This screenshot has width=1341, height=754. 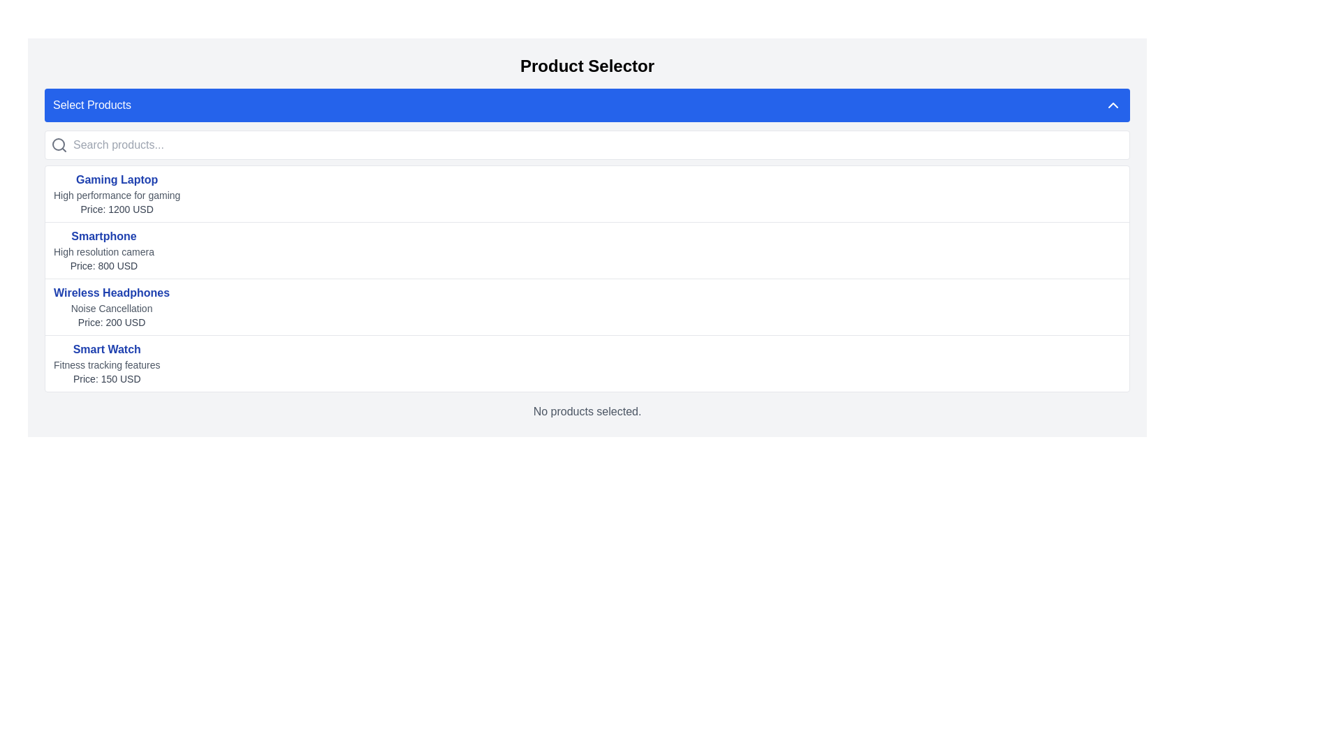 What do you see at coordinates (106, 364) in the screenshot?
I see `product description text label located under the 'Smart Watch' heading and above the 'Price: 150 USD' text` at bounding box center [106, 364].